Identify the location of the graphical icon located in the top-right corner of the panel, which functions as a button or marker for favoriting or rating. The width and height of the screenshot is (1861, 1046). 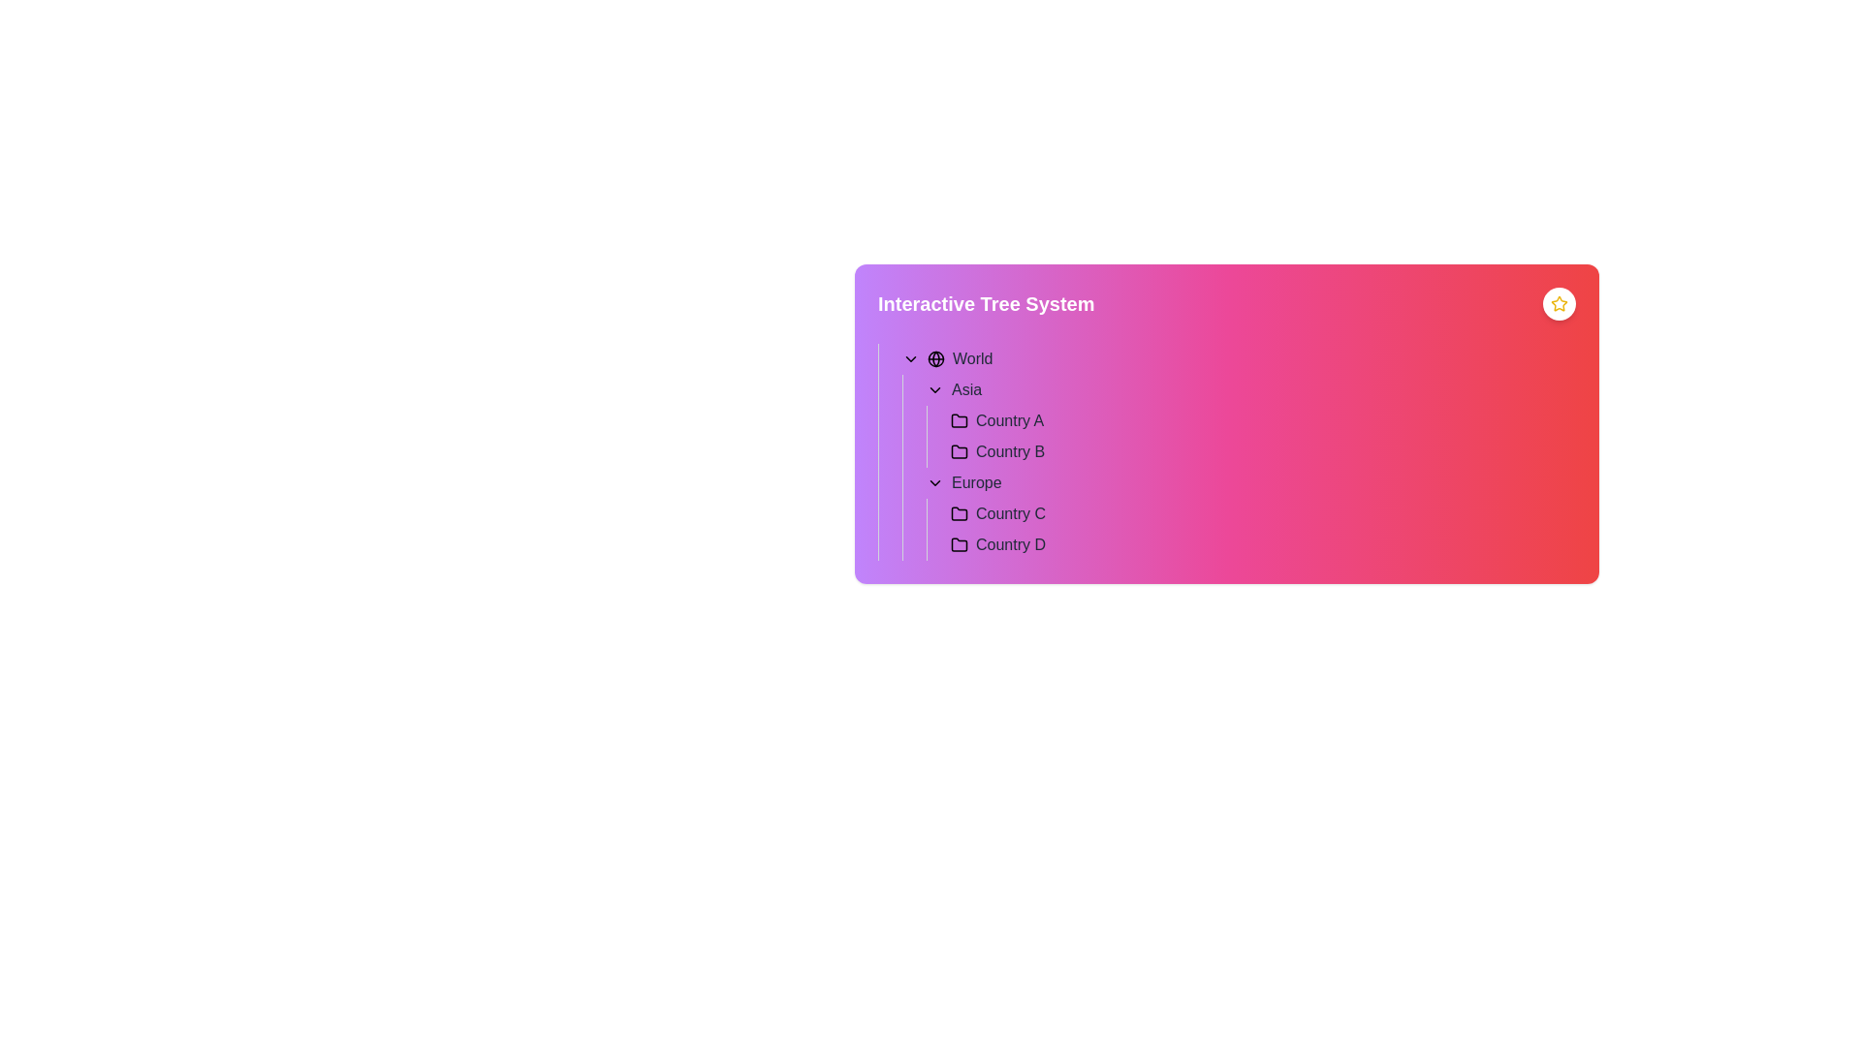
(1559, 303).